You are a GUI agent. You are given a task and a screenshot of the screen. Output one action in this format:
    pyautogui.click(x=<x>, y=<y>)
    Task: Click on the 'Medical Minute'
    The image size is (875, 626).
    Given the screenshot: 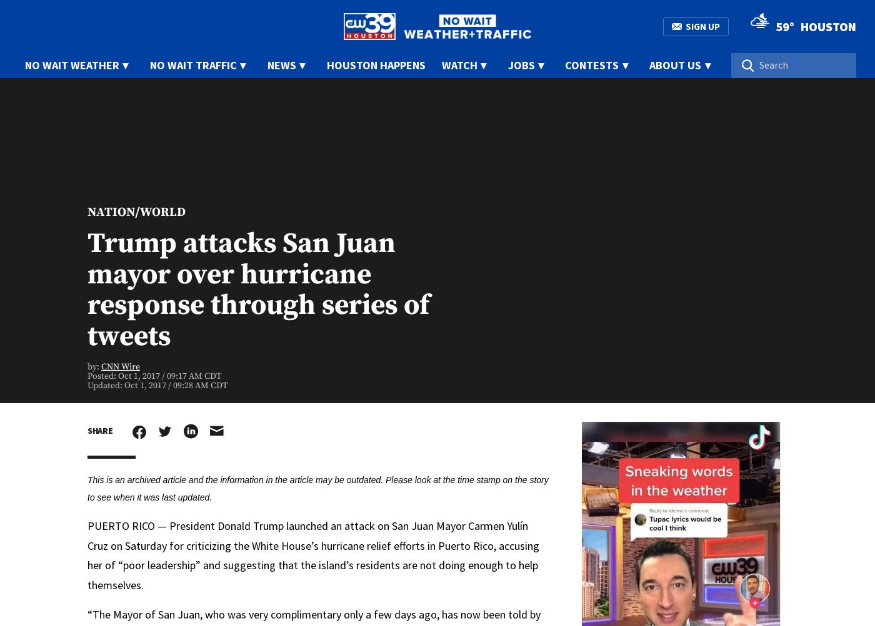 What is the action you would take?
    pyautogui.click(x=81, y=286)
    